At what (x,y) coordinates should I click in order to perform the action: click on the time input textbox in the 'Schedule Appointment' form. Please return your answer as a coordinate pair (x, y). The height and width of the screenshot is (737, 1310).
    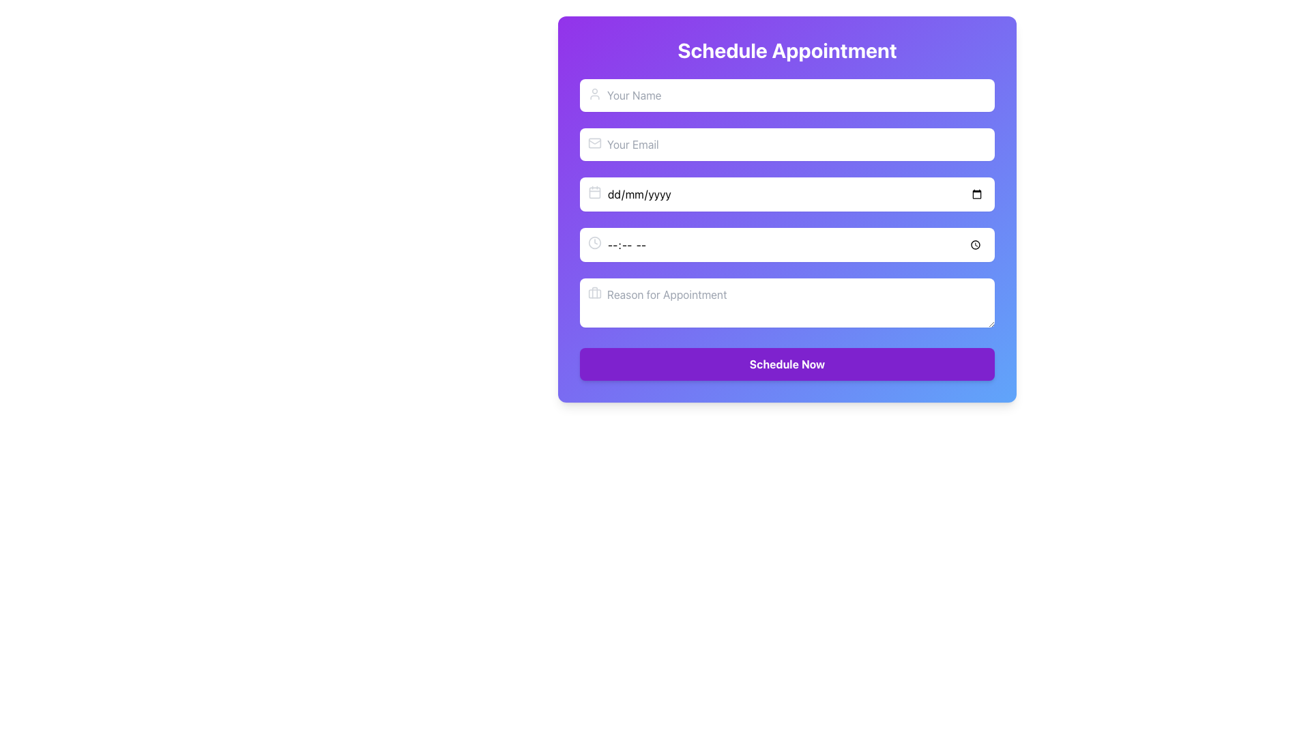
    Looking at the image, I should click on (787, 229).